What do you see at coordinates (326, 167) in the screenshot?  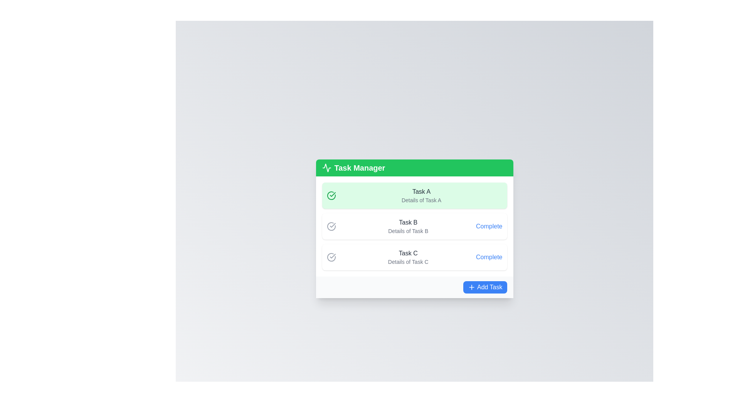 I see `the compact SVG graphic resembling an activity or pulse icon with a green background and white stroke, located to the left of the text 'Task Manager' in the green header section` at bounding box center [326, 167].